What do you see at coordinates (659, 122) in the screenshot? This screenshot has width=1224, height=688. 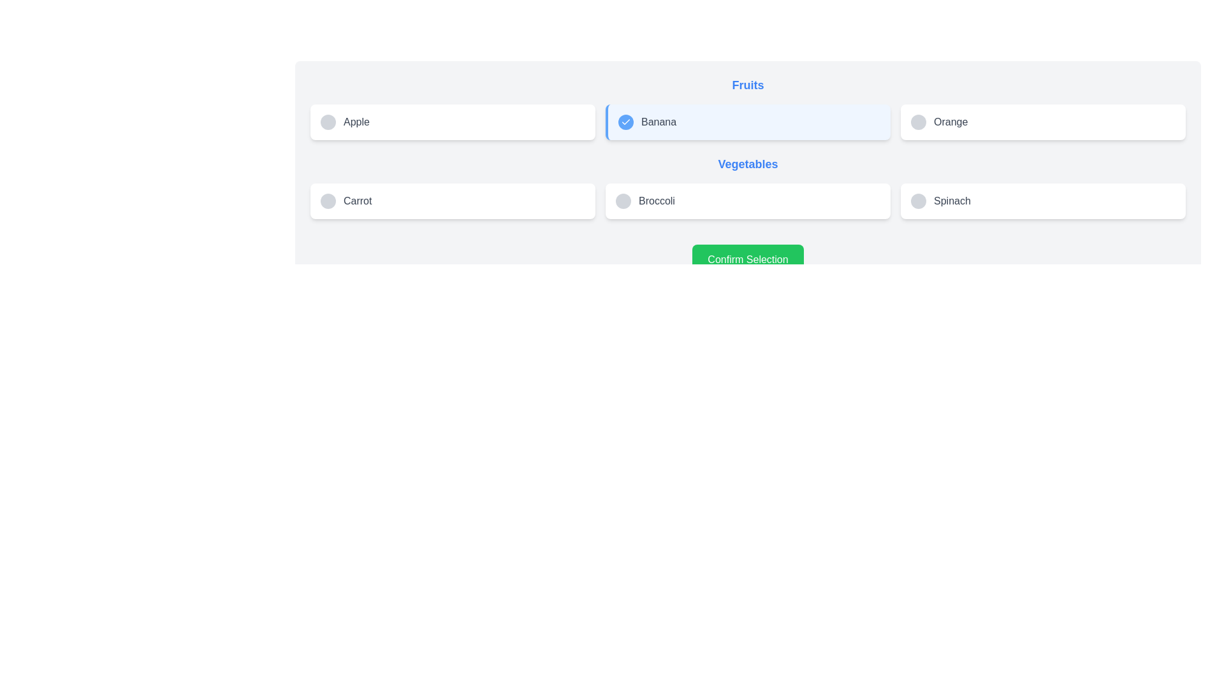 I see `text label displaying 'Banana' which is styled with medium gray font weight and located in a selectable component with a light blue background` at bounding box center [659, 122].